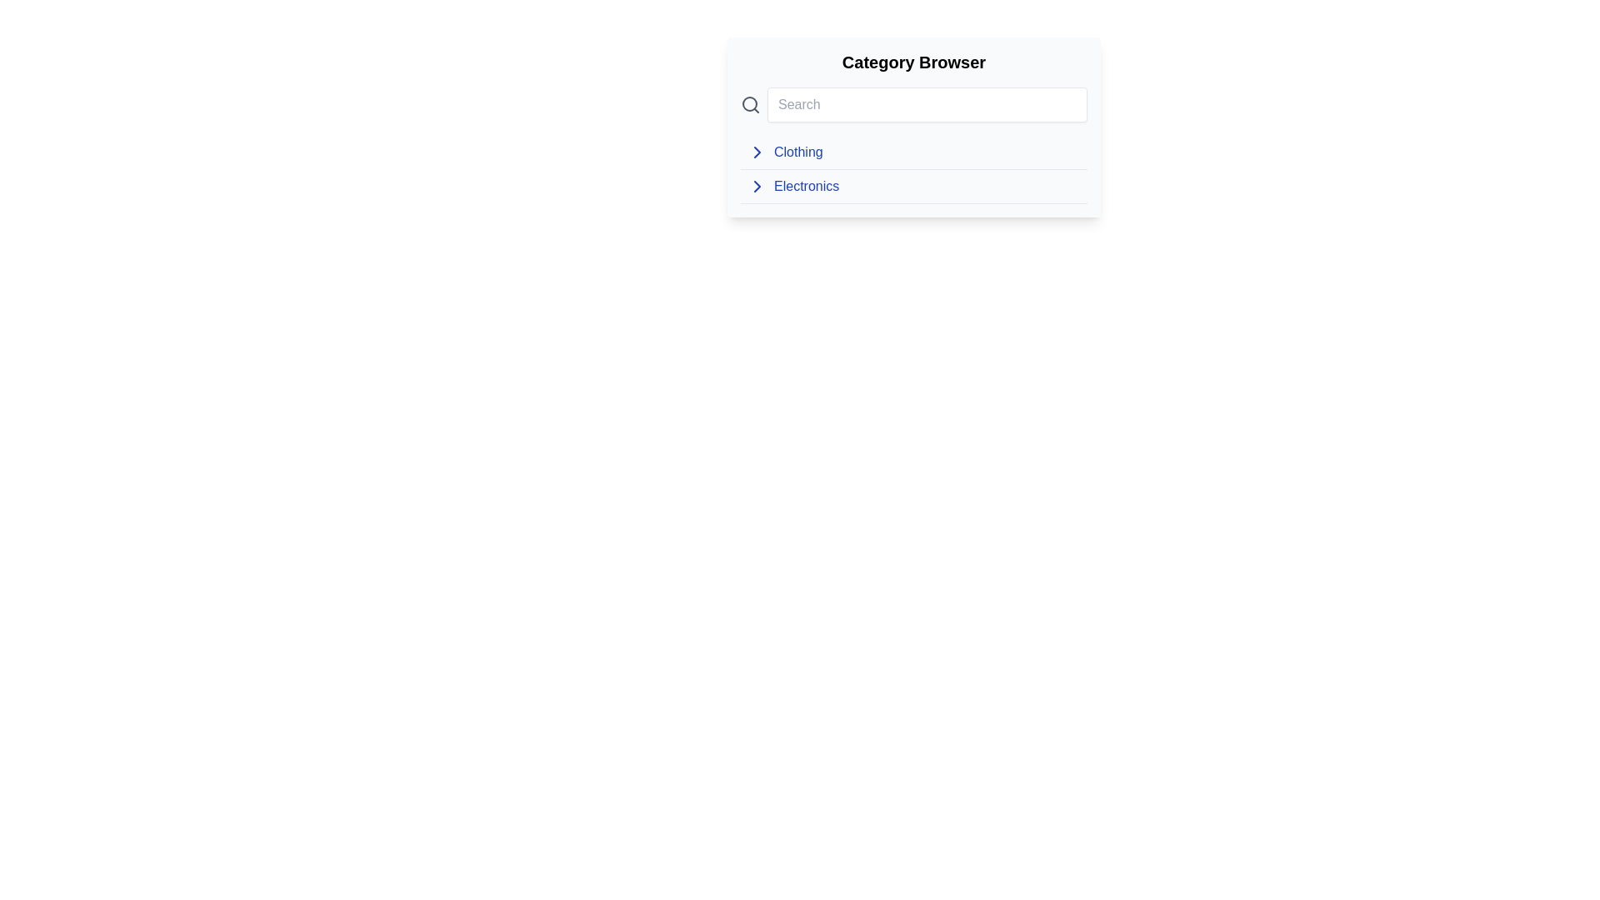  Describe the element at coordinates (807, 186) in the screenshot. I see `the 'Electronics' category text label in the Category Browser section to browse items or expand subcategories` at that location.